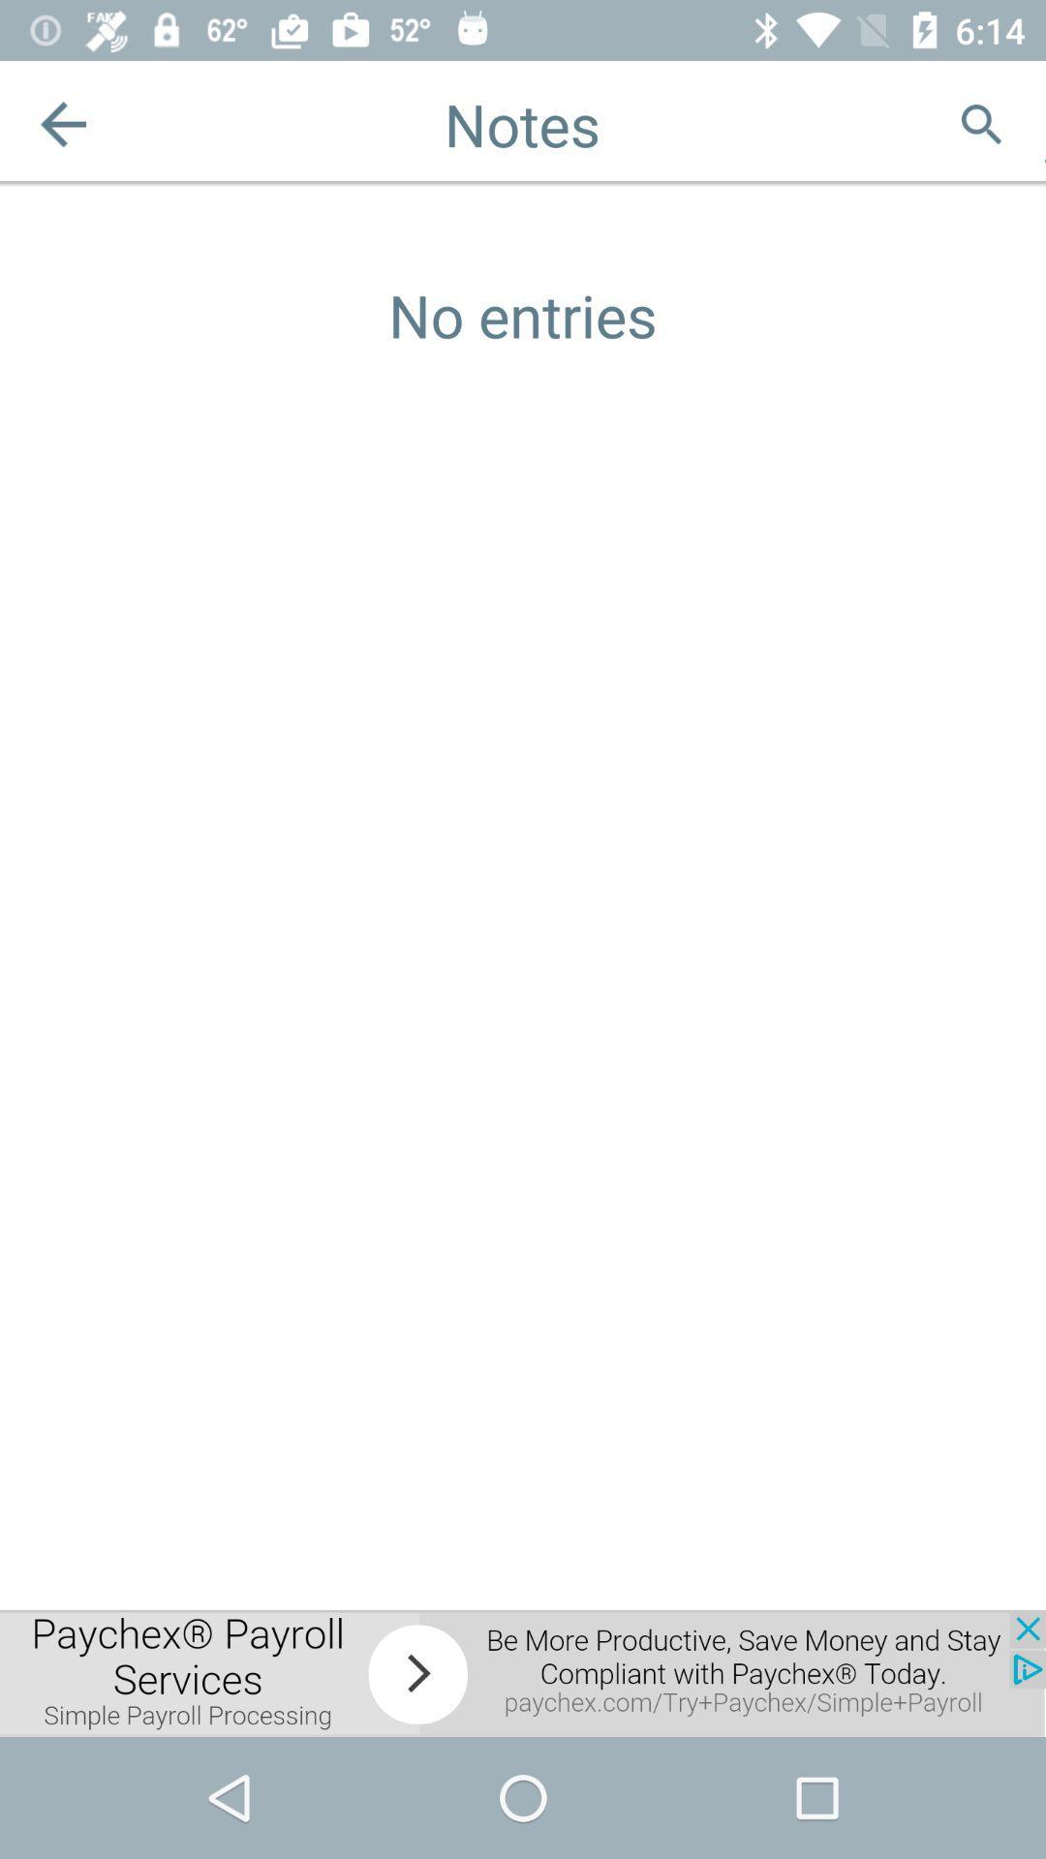 This screenshot has width=1046, height=1859. What do you see at coordinates (62, 123) in the screenshot?
I see `previous` at bounding box center [62, 123].